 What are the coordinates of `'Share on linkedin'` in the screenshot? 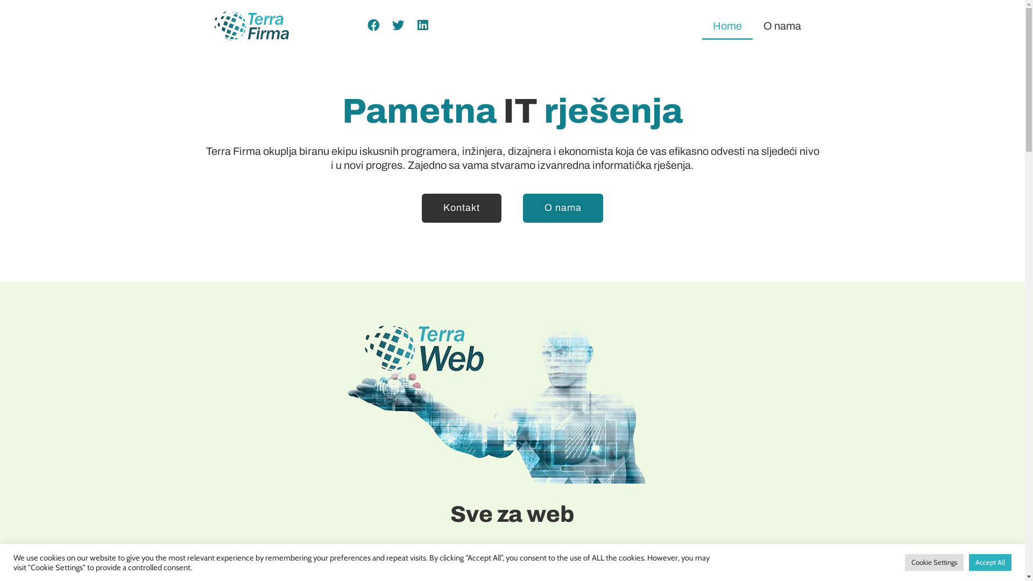 It's located at (413, 25).